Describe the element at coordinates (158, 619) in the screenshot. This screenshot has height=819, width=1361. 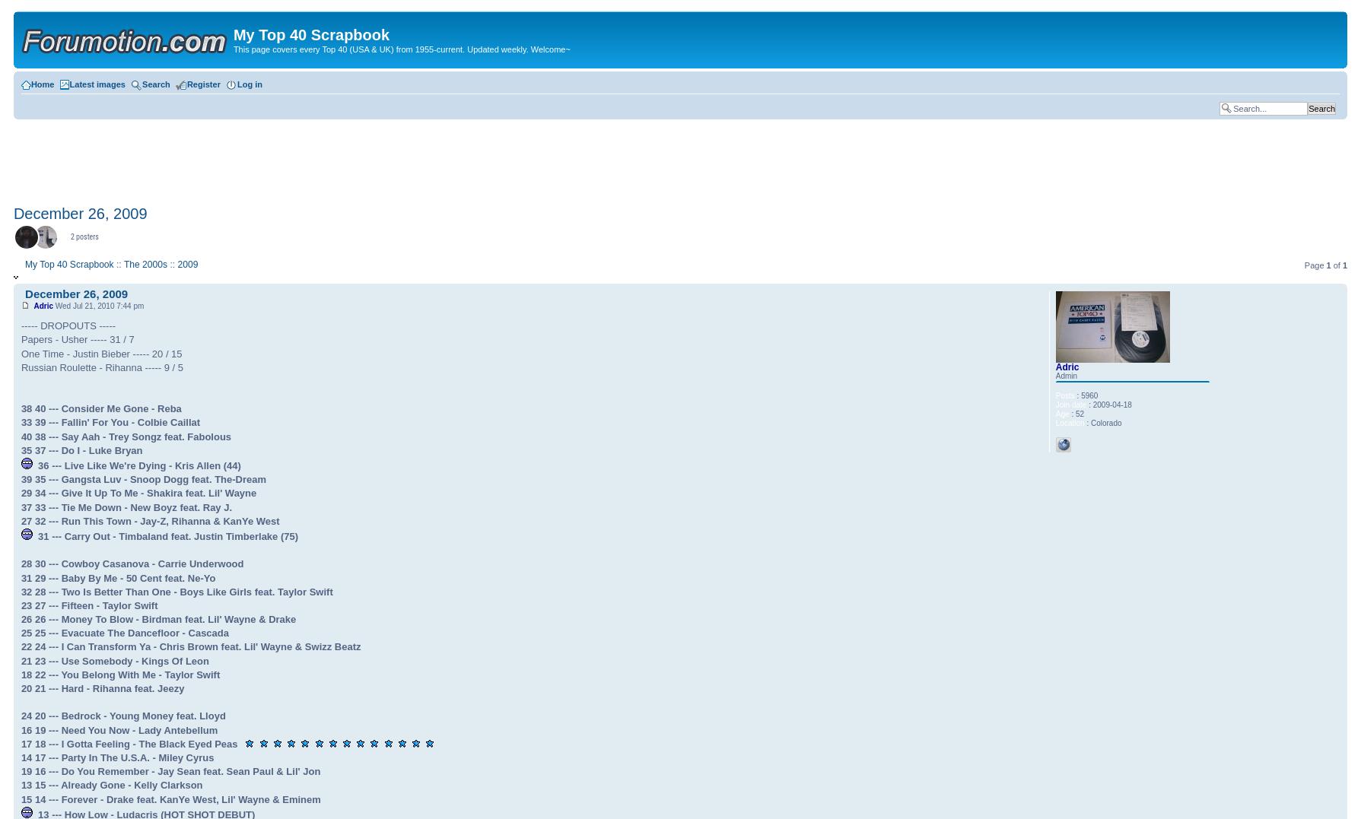
I see `'26 26 --- Money To Blow - Birdman feat. Lil' Wayne & Drake'` at that location.